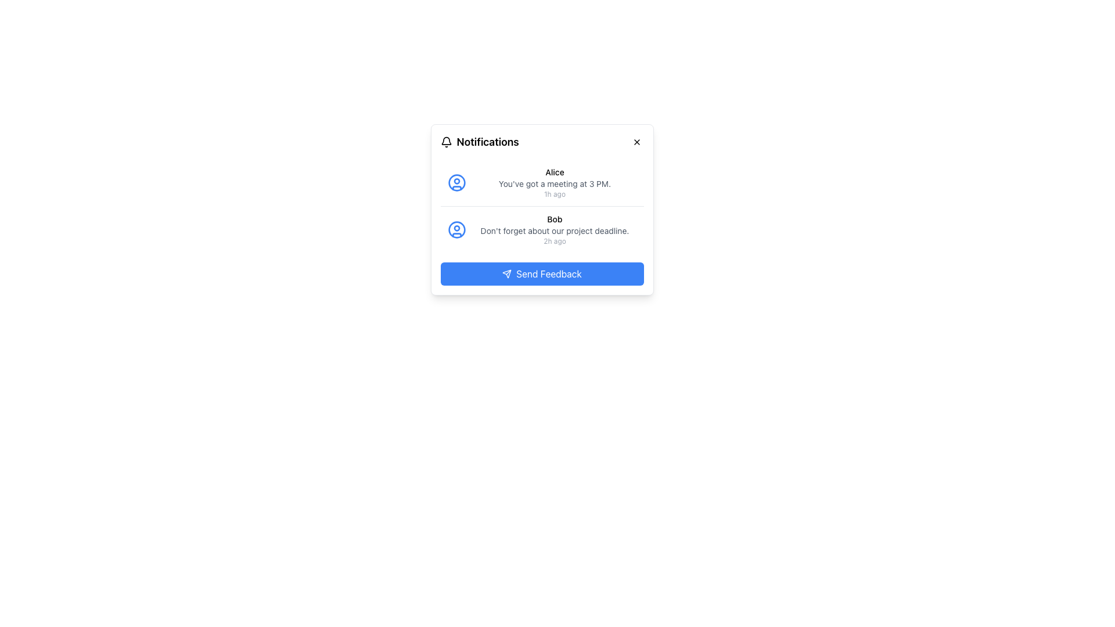 The image size is (1115, 627). Describe the element at coordinates (507, 273) in the screenshot. I see `the blue 'Send Feedback' button which contains the small triangular icon indicating a 'send' or 'forward' function, located to the left of the text` at that location.